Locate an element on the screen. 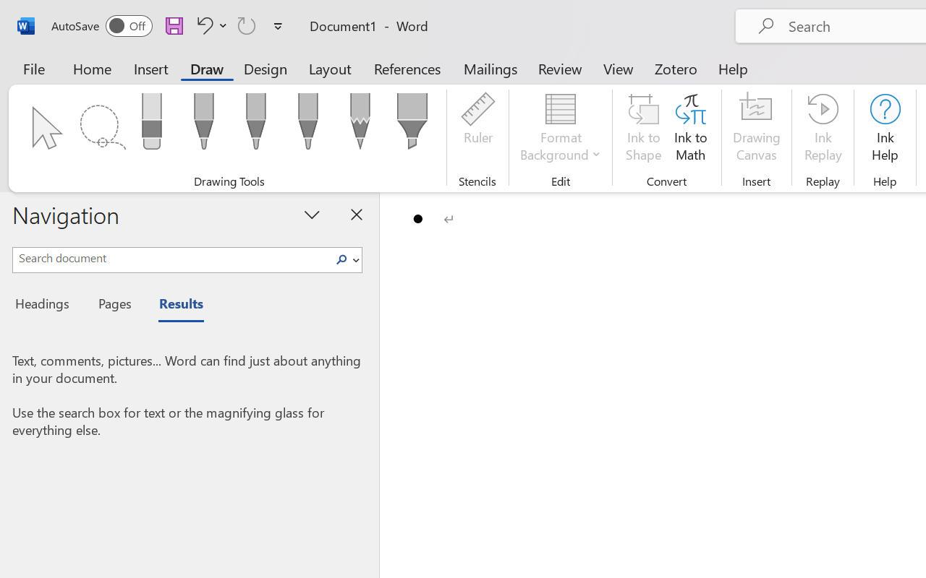 This screenshot has width=926, height=578. 'Results' is located at coordinates (174, 306).